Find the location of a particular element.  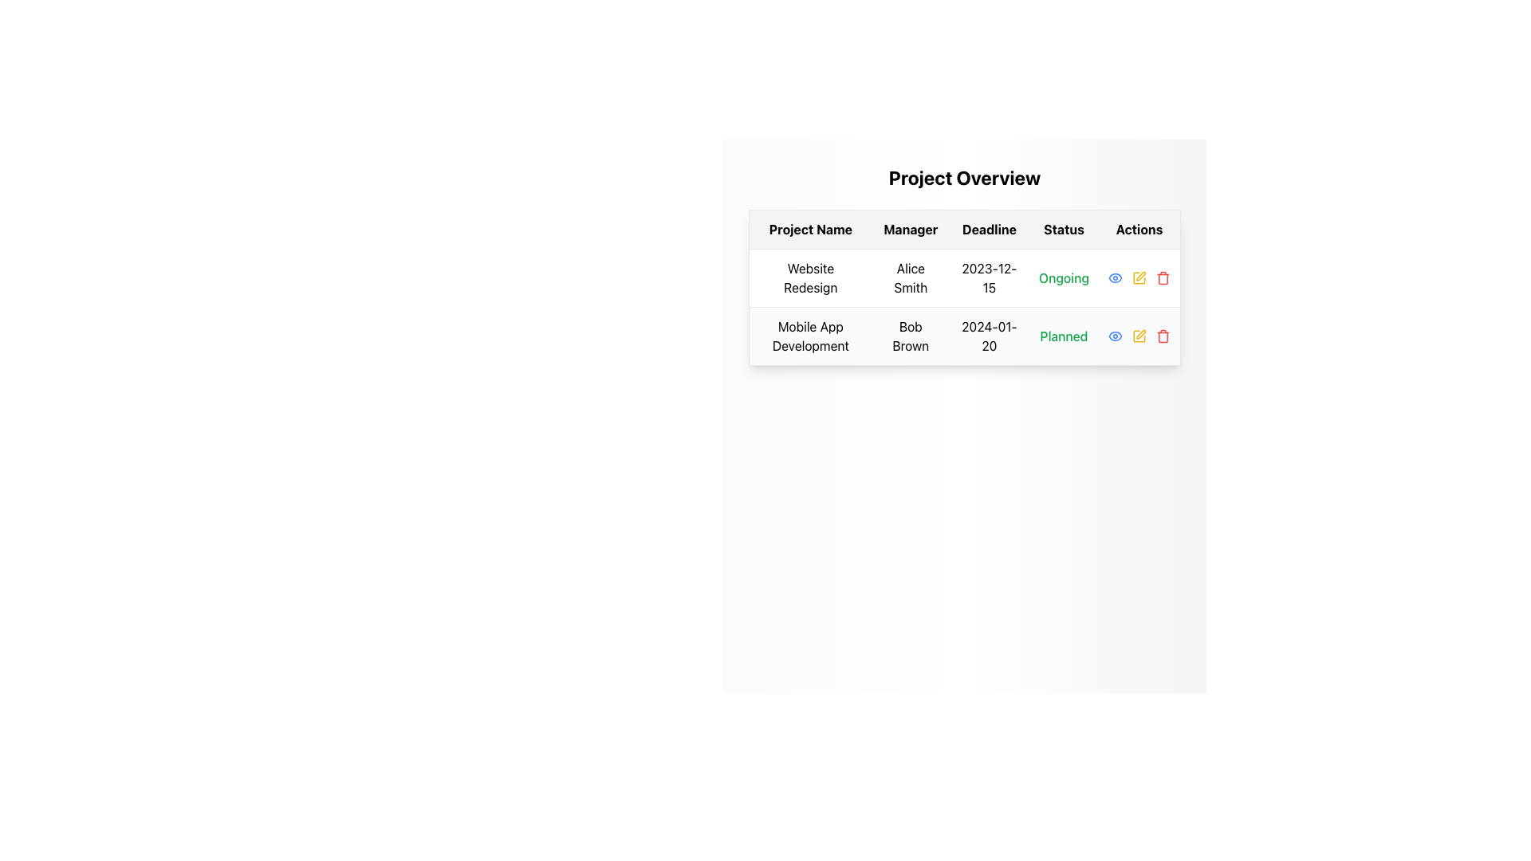

the text label displaying the project deadline located in the third column of the first row of the table is located at coordinates (988, 277).